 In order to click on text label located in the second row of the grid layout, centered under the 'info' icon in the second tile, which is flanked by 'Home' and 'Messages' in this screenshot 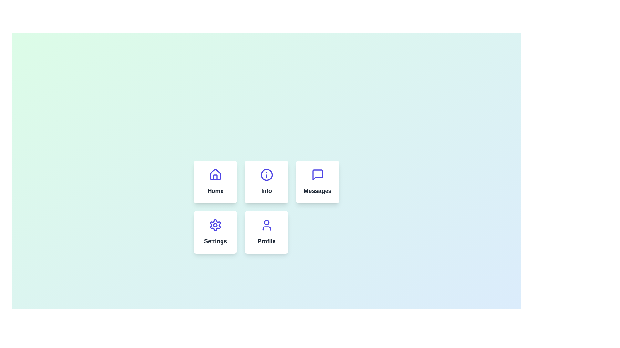, I will do `click(266, 191)`.